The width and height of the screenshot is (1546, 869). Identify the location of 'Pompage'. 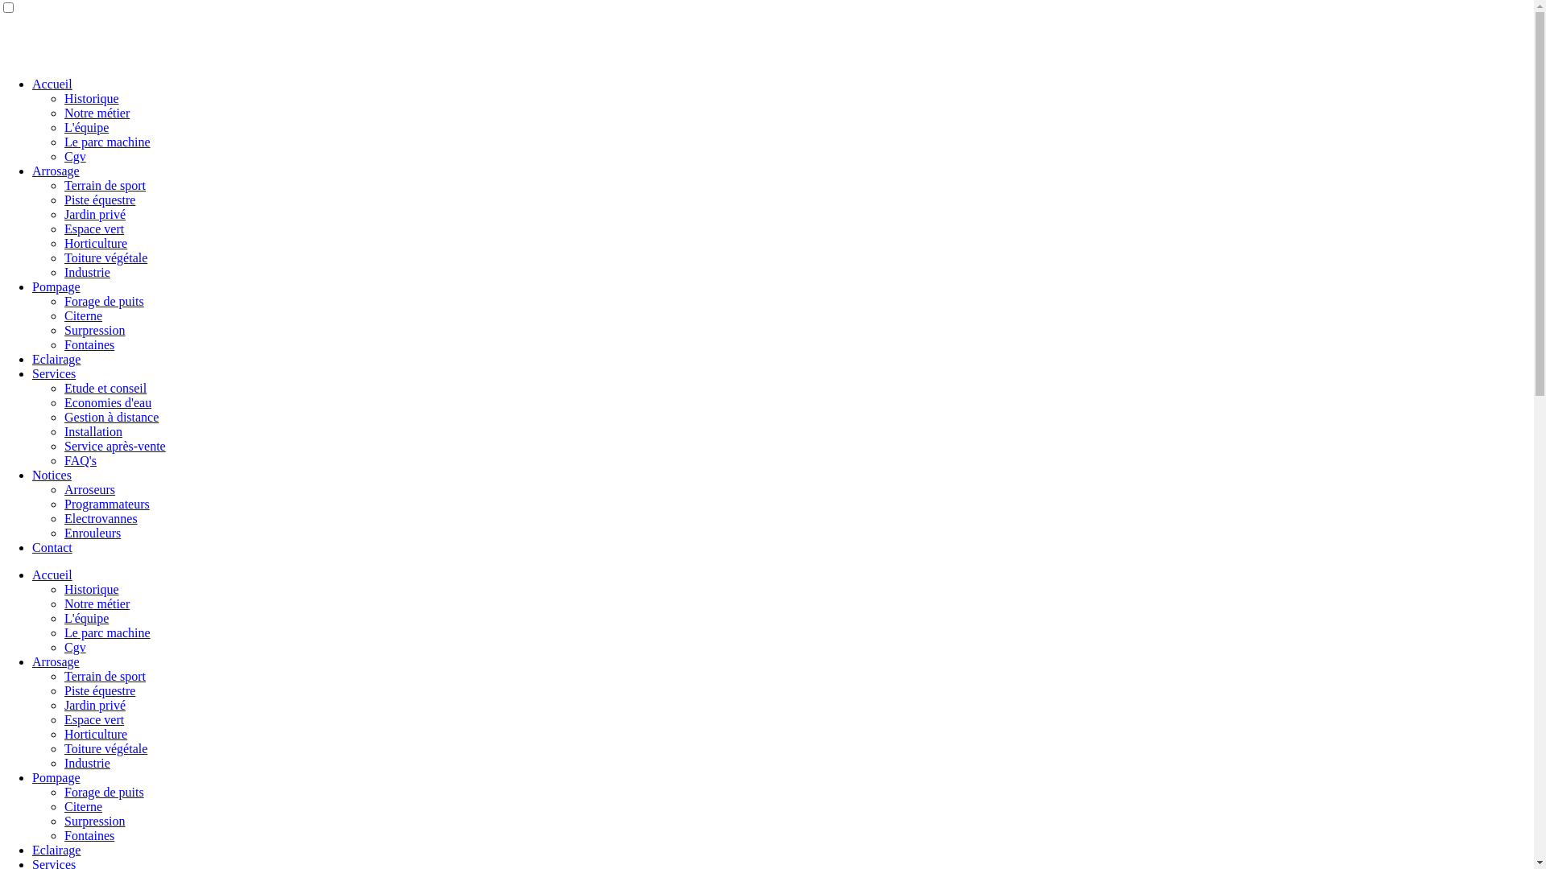
(56, 776).